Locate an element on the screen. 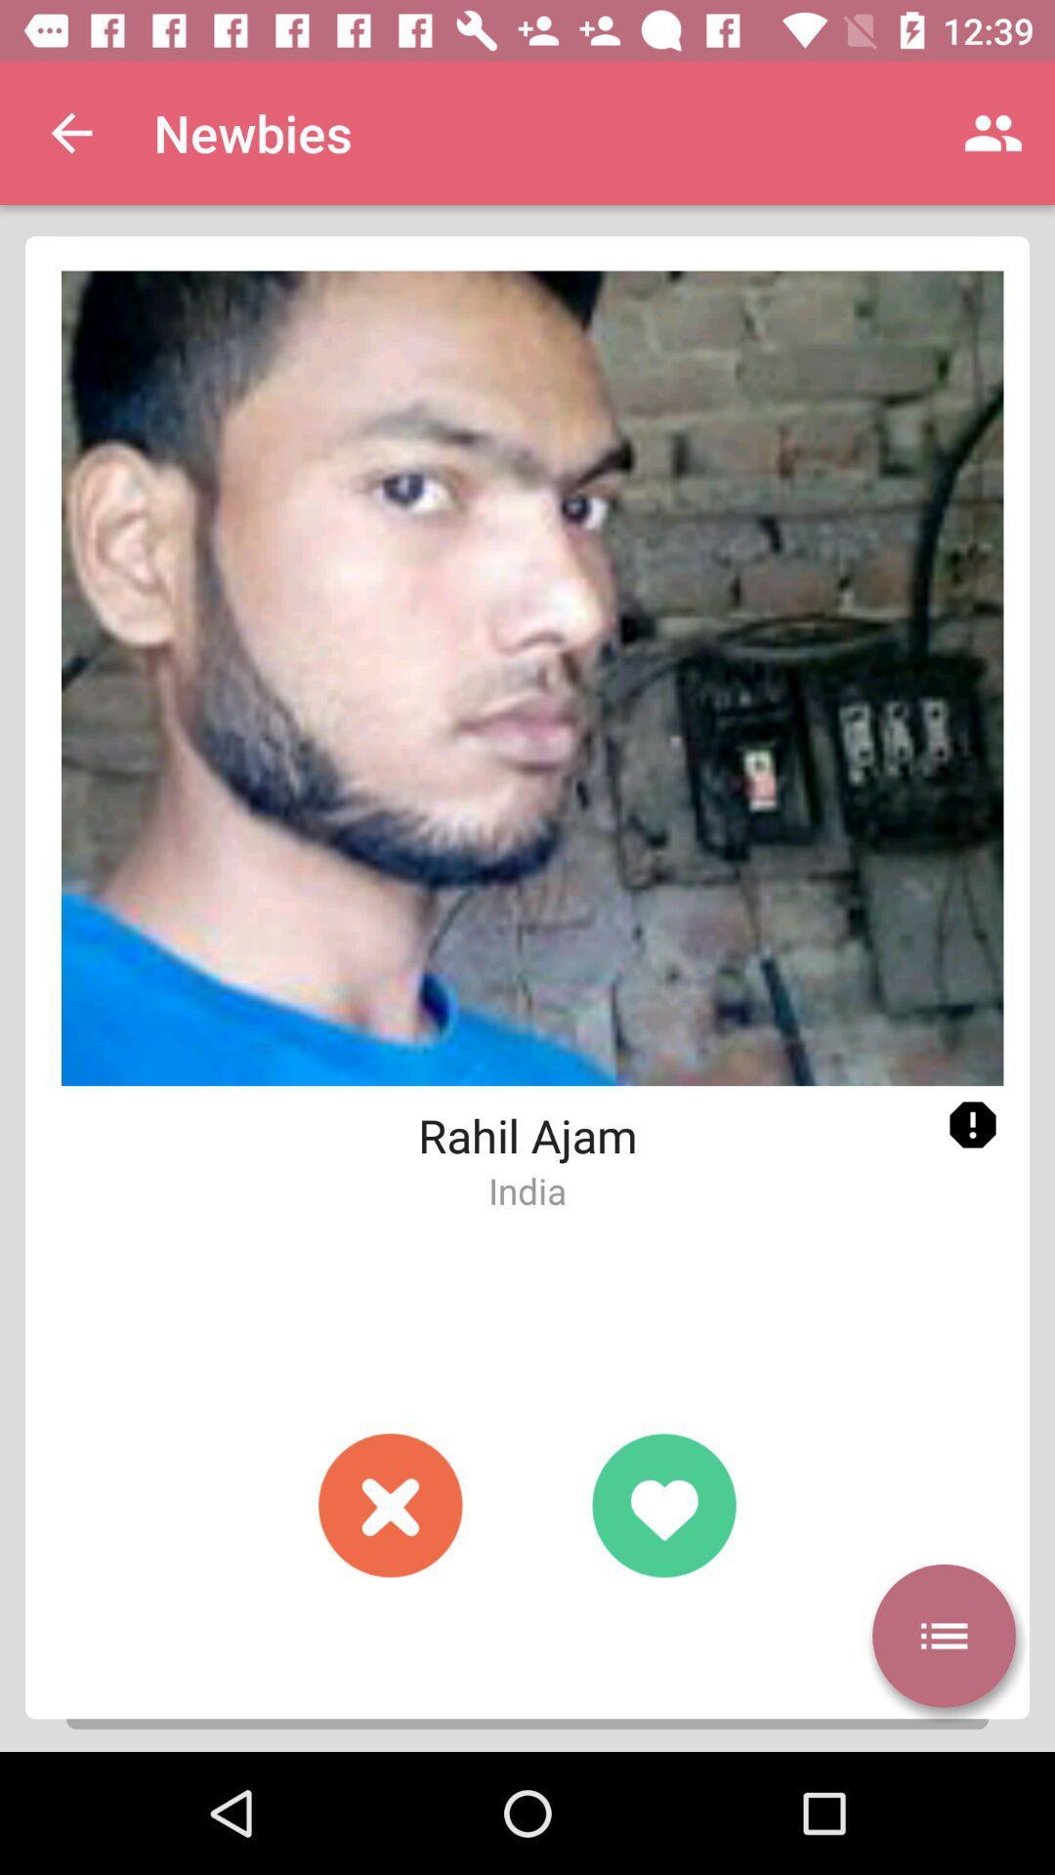  button is located at coordinates (391, 1504).